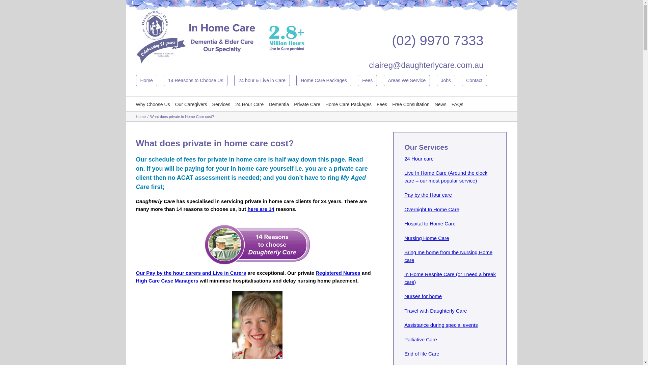  Describe the element at coordinates (435, 310) in the screenshot. I see `'Travel with Daughterly Care'` at that location.